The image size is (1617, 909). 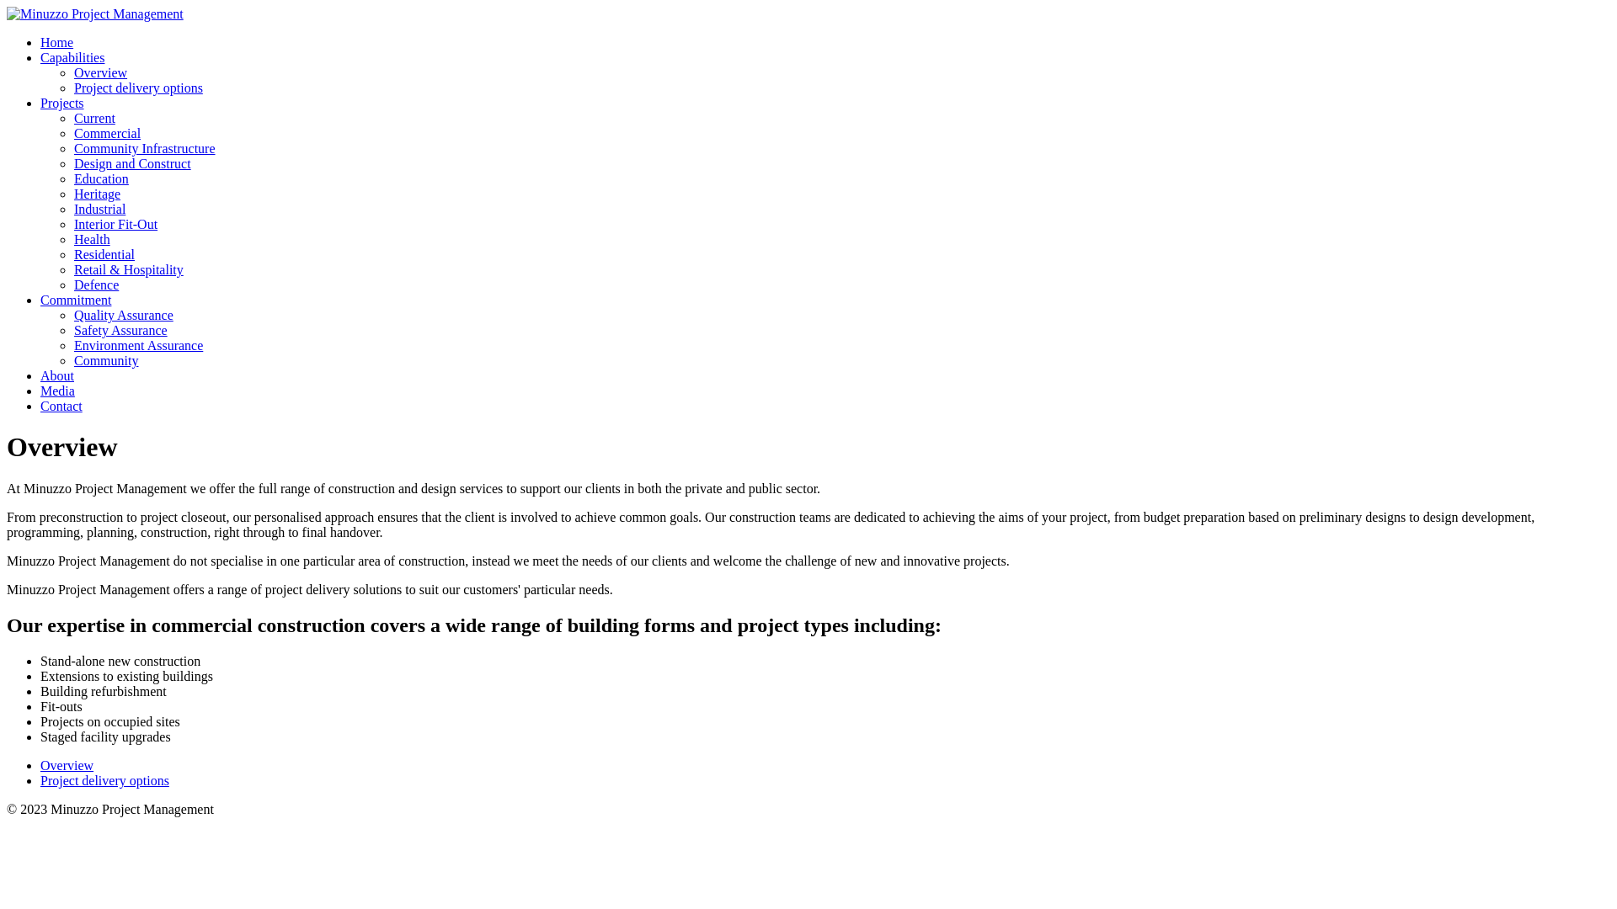 I want to click on 'About', so click(x=56, y=375).